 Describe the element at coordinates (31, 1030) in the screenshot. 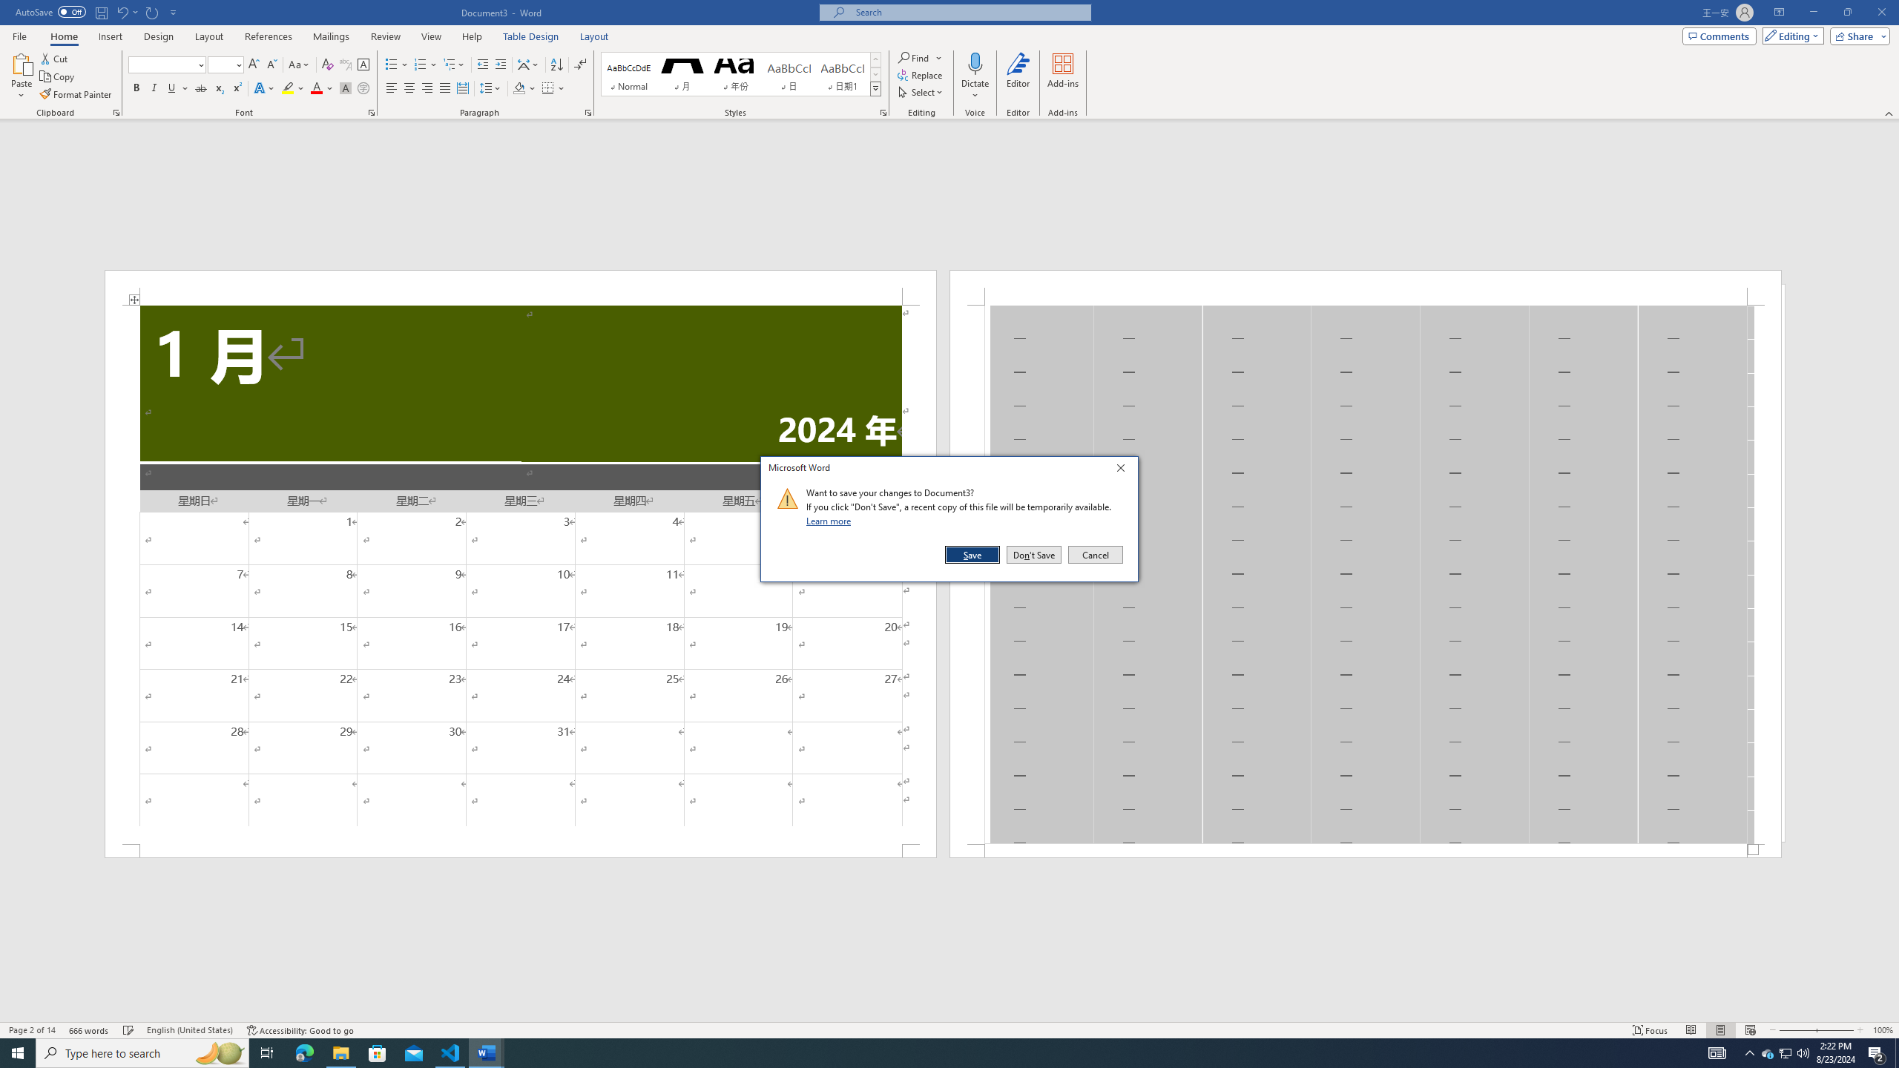

I see `'Page Number Page 2 of 14'` at that location.